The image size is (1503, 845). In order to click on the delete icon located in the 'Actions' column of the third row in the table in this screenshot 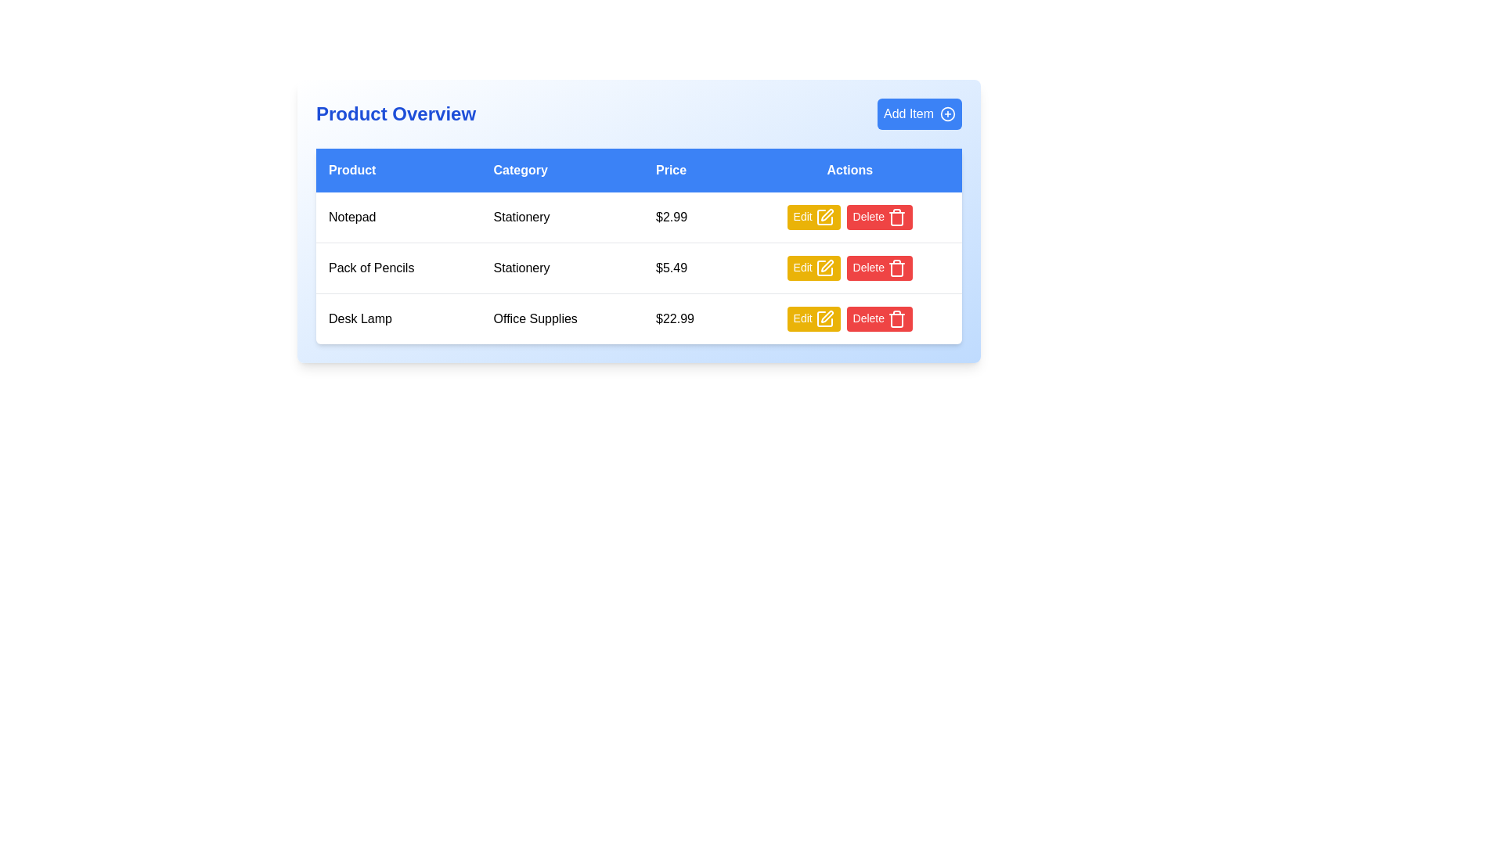, I will do `click(896, 268)`.